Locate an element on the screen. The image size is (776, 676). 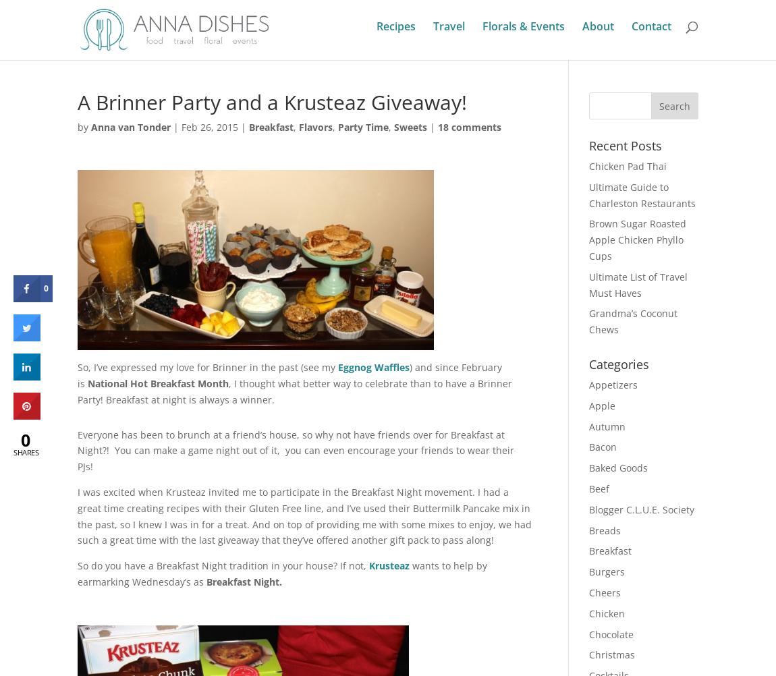
'Baked Goods' is located at coordinates (588, 468).